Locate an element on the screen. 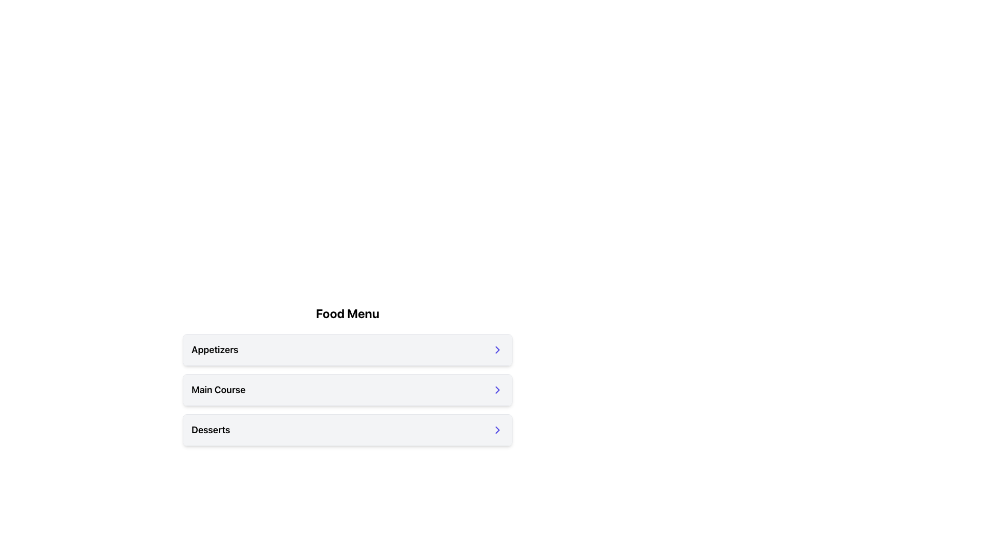 The image size is (986, 555). text from the prominently styled 'Food Menu' label located at the top of the menu section, which is centered horizontally above the submenu items is located at coordinates (347, 312).